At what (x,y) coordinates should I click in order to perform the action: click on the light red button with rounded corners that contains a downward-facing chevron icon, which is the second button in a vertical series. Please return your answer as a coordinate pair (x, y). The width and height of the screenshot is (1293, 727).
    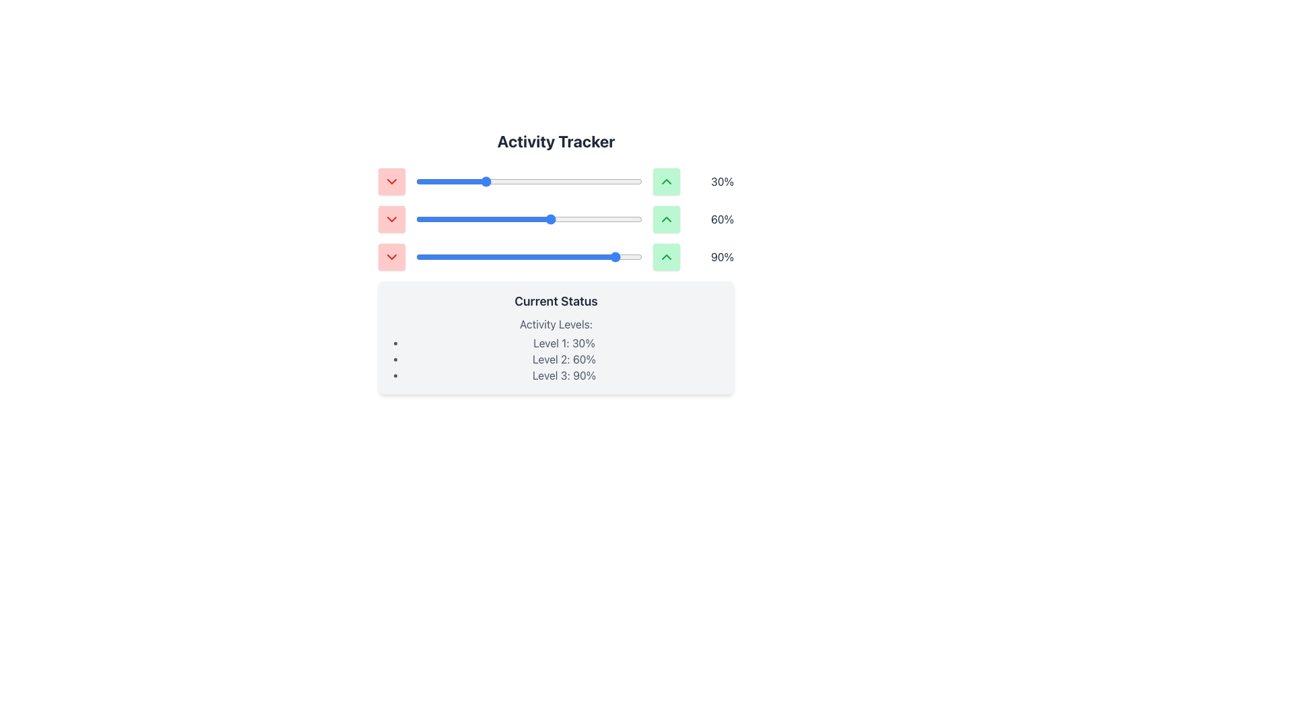
    Looking at the image, I should click on (391, 219).